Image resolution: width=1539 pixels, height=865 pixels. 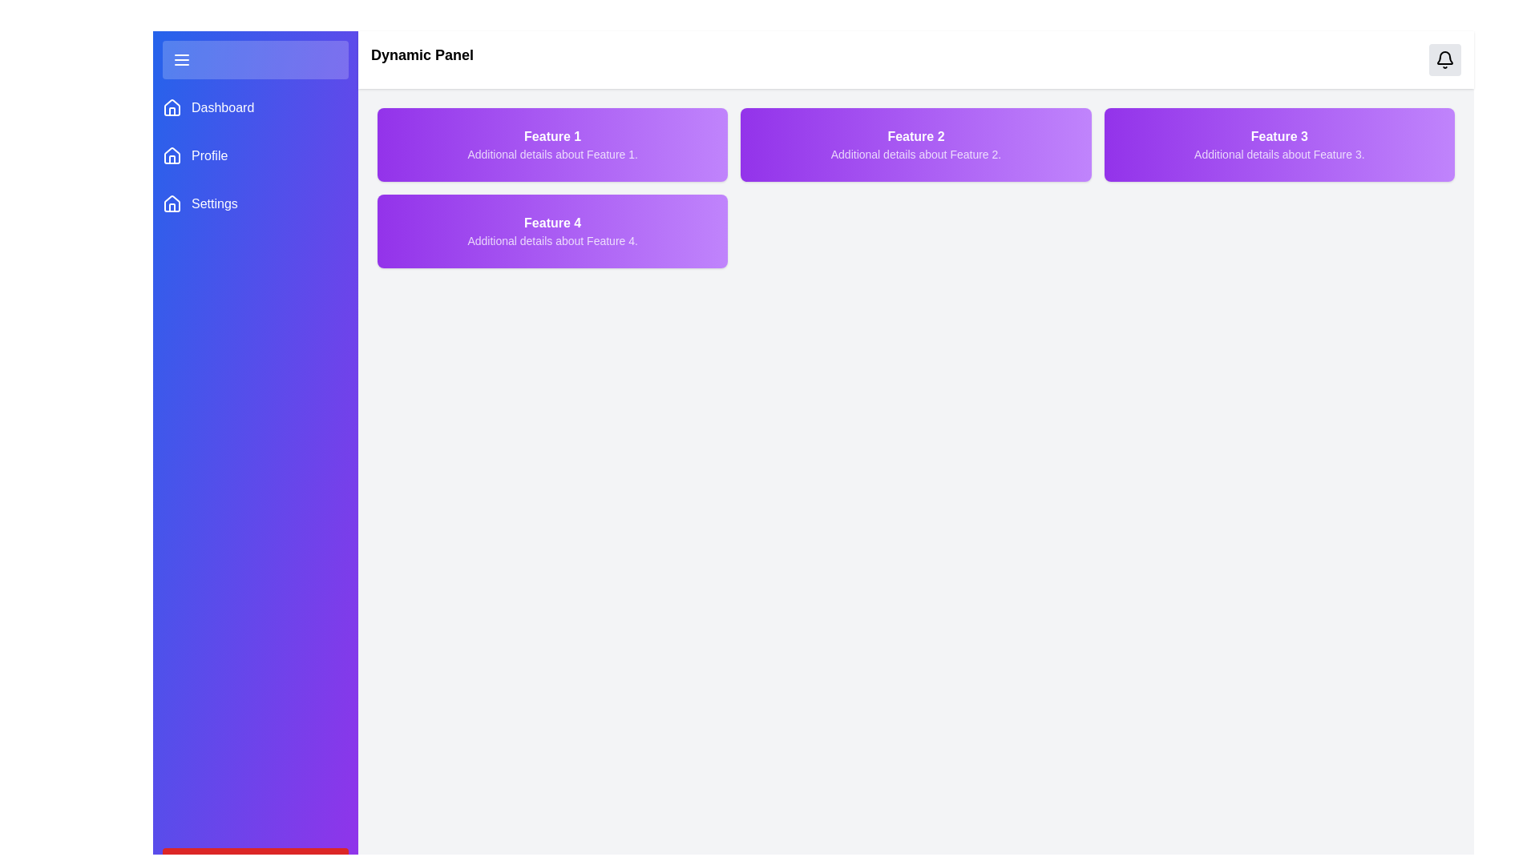 What do you see at coordinates (222, 108) in the screenshot?
I see `the 'Dashboard' text label in the sidebar navigation menu` at bounding box center [222, 108].